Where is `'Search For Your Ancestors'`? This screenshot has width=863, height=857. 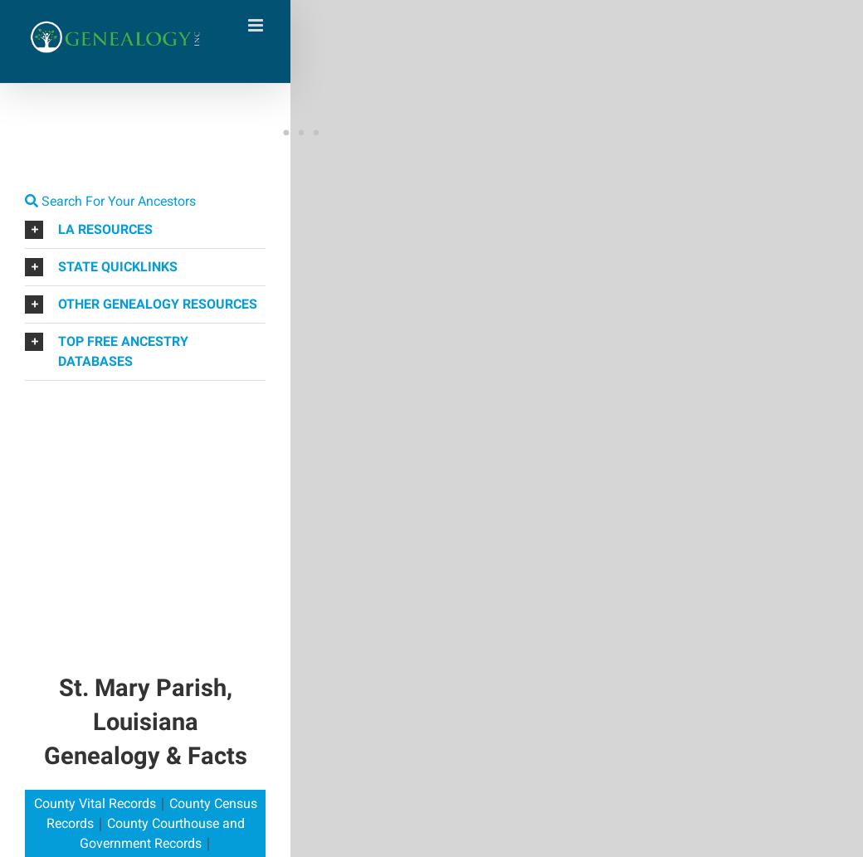 'Search For Your Ancestors' is located at coordinates (117, 199).